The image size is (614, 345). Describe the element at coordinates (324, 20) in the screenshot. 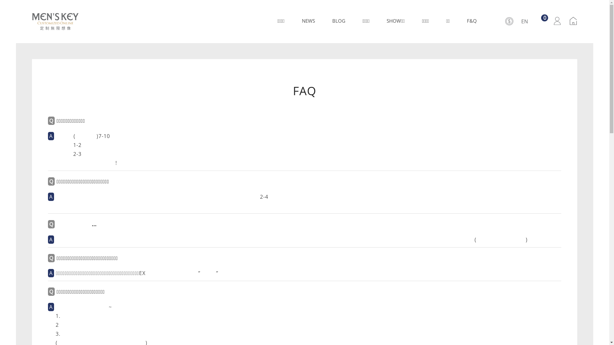

I see `'BLOG'` at that location.